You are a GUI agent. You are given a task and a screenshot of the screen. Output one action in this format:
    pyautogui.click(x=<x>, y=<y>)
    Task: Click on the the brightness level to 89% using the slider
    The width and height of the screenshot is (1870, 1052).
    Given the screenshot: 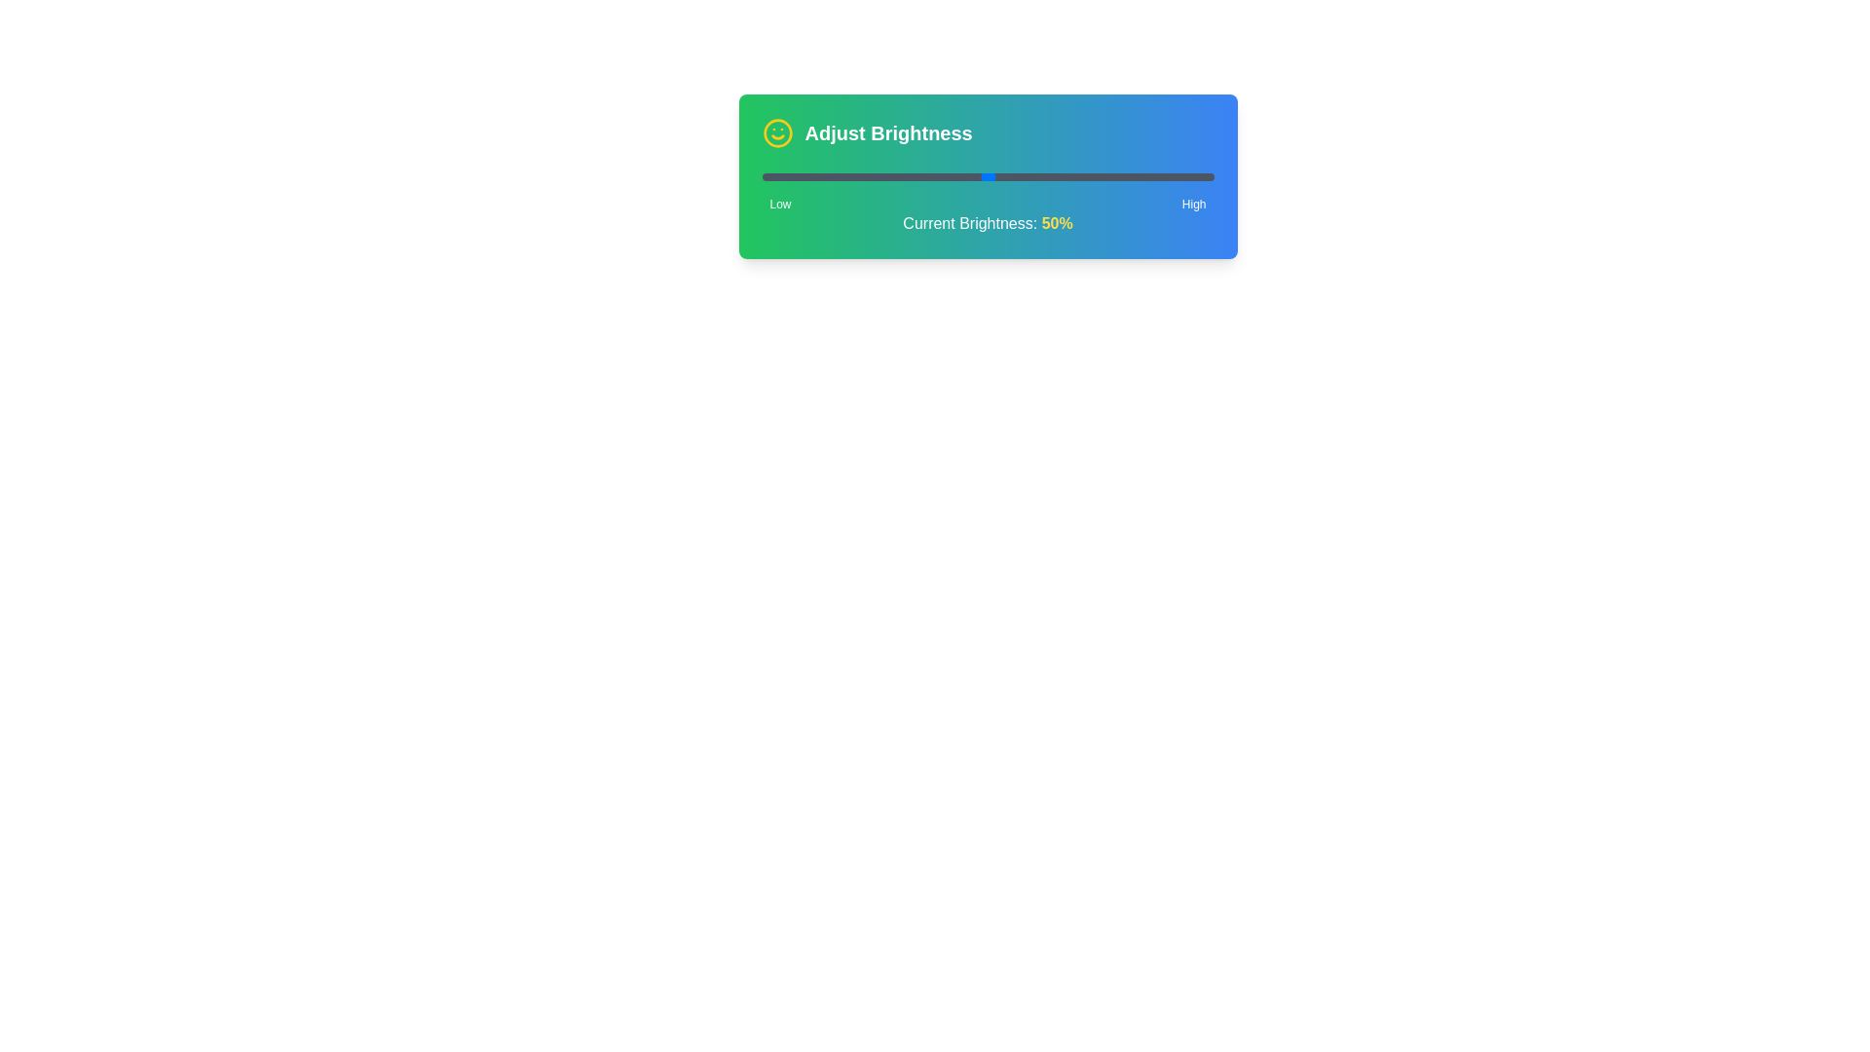 What is the action you would take?
    pyautogui.click(x=1164, y=176)
    